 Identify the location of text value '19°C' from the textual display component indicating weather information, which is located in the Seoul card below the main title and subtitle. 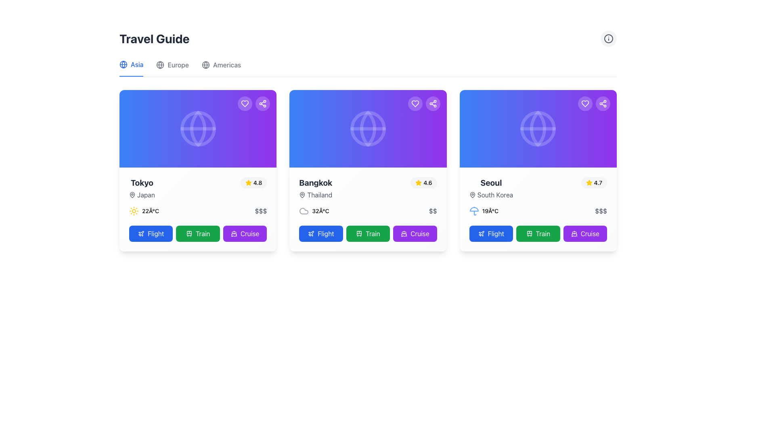
(484, 211).